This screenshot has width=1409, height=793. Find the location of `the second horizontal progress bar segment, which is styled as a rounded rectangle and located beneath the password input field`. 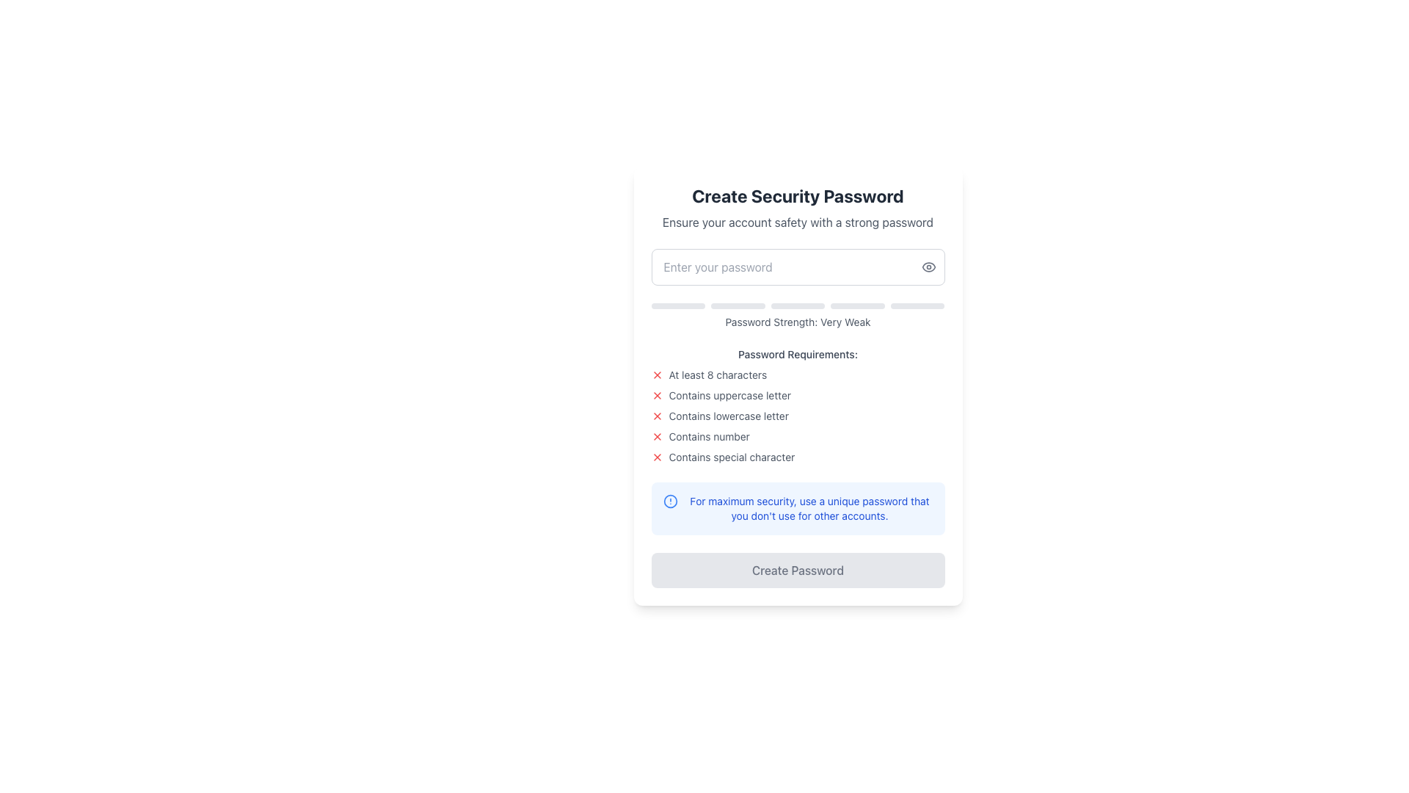

the second horizontal progress bar segment, which is styled as a rounded rectangle and located beneath the password input field is located at coordinates (738, 305).